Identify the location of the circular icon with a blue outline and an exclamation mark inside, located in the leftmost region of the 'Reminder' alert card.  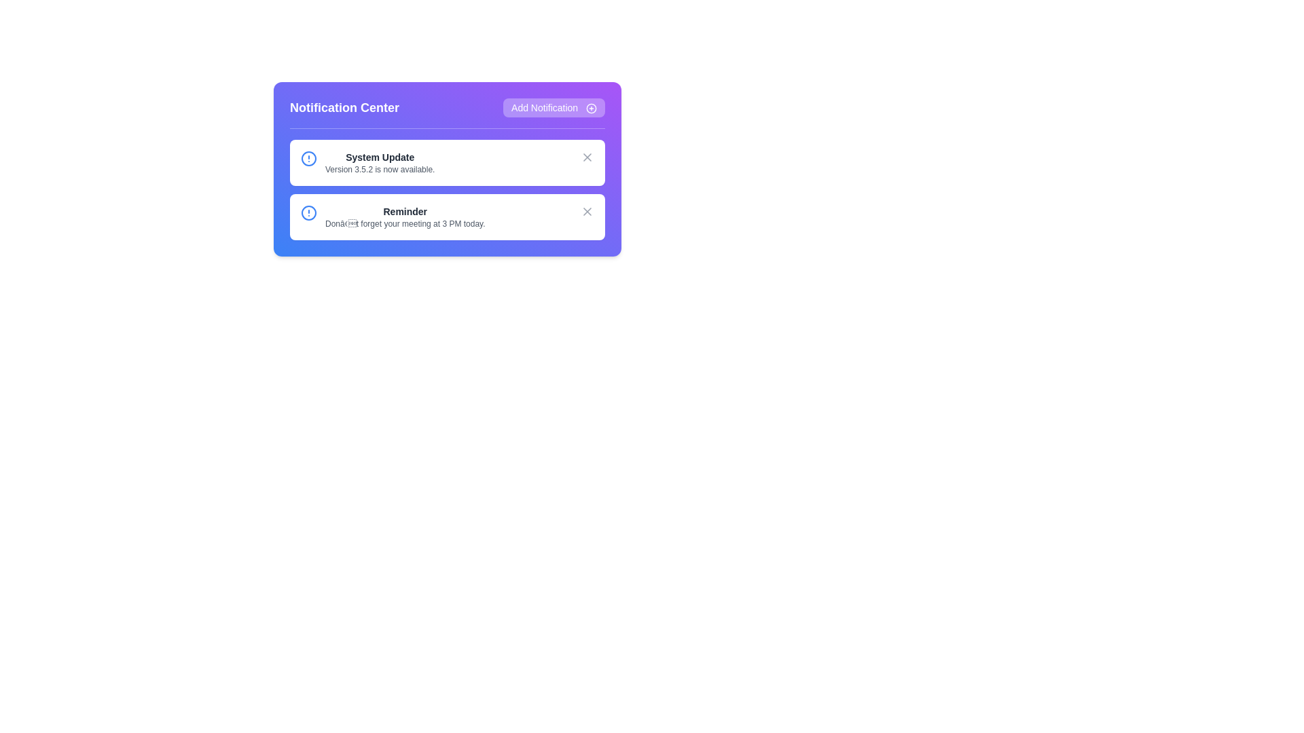
(308, 212).